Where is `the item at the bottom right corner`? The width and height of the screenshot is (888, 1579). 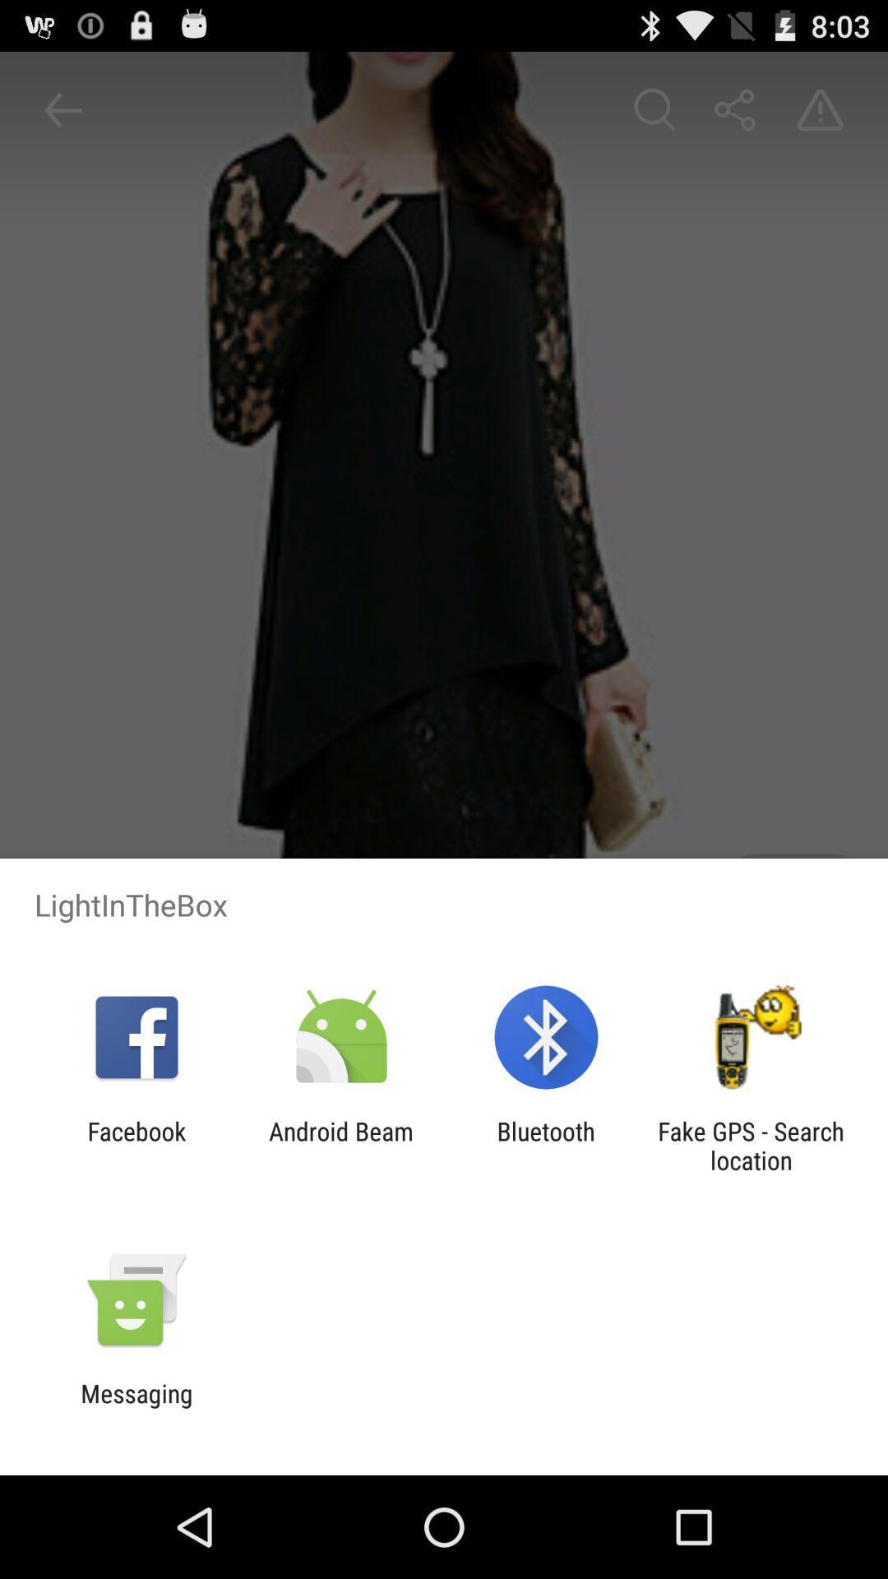
the item at the bottom right corner is located at coordinates (751, 1145).